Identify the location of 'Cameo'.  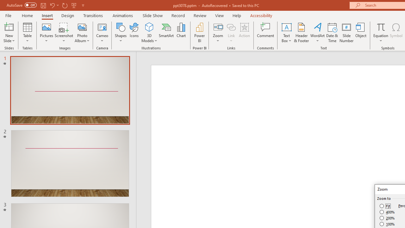
(102, 27).